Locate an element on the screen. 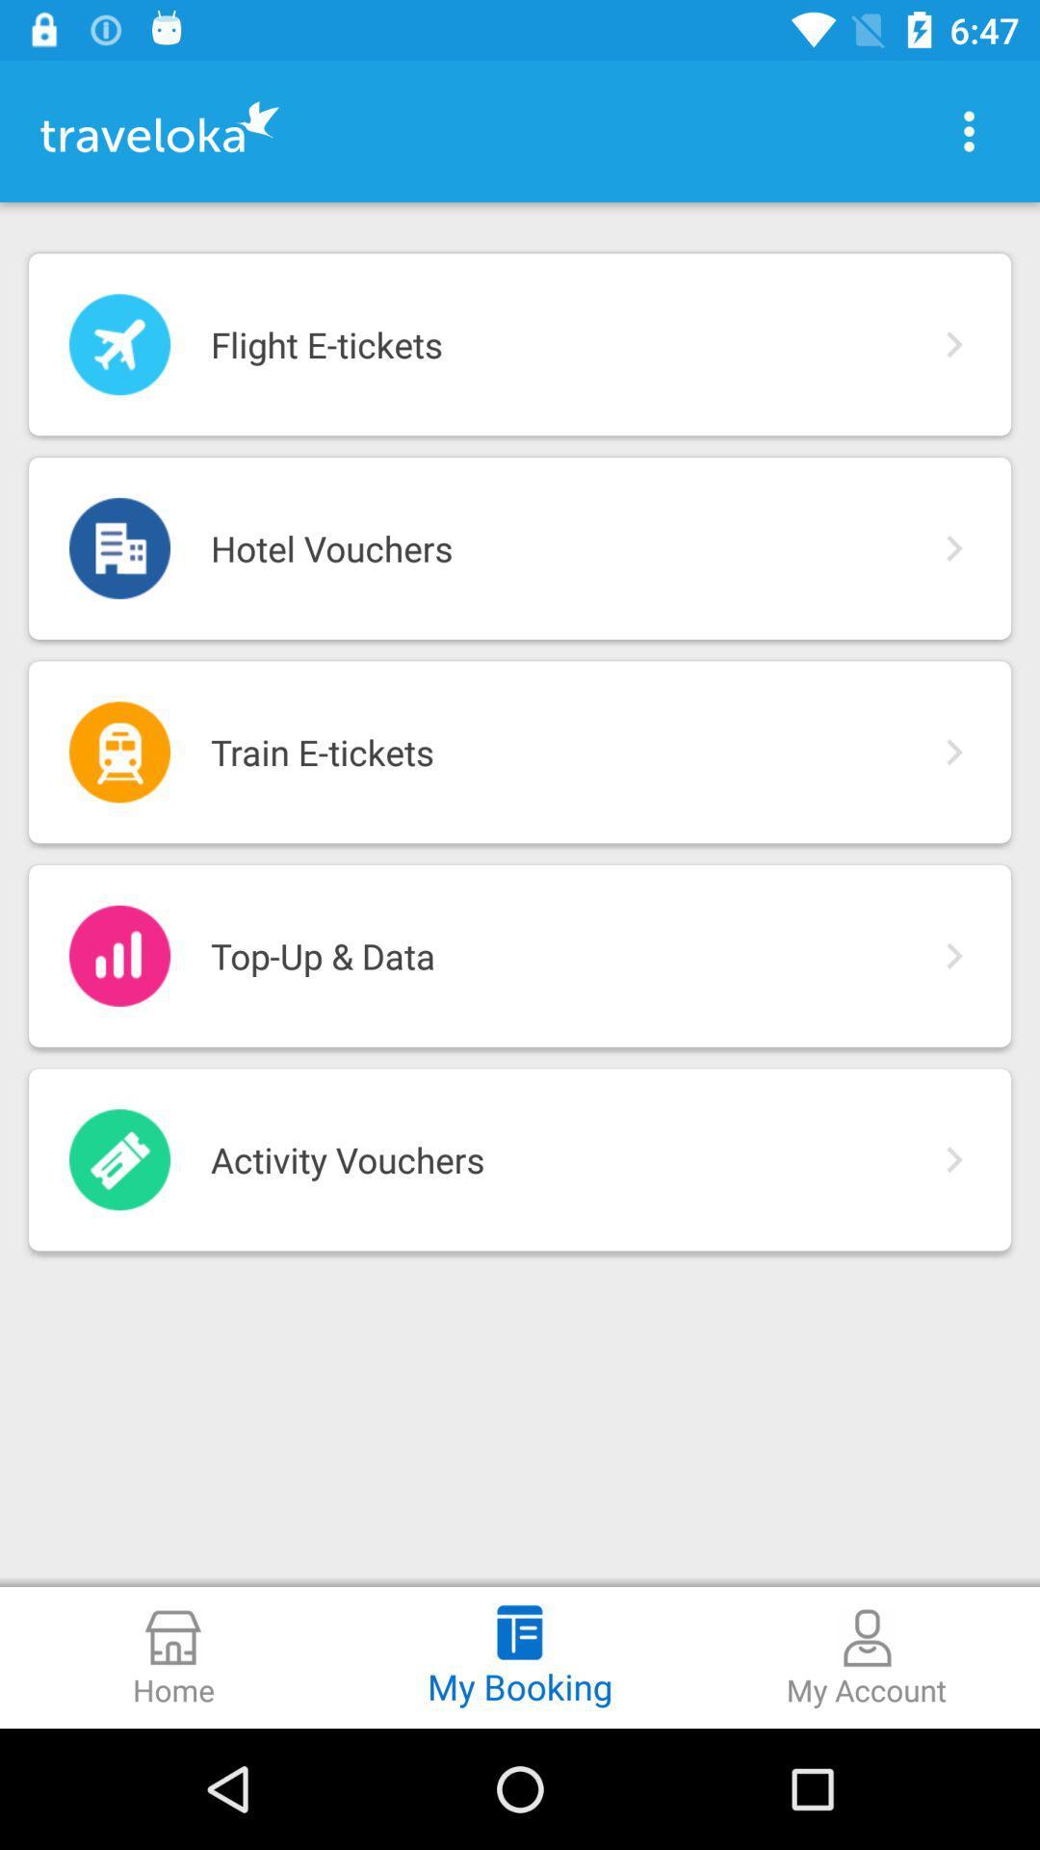 The image size is (1040, 1850). more options is located at coordinates (969, 130).